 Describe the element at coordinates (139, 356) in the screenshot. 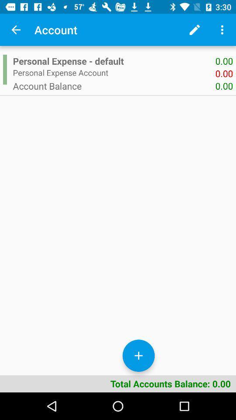

I see `new account` at that location.